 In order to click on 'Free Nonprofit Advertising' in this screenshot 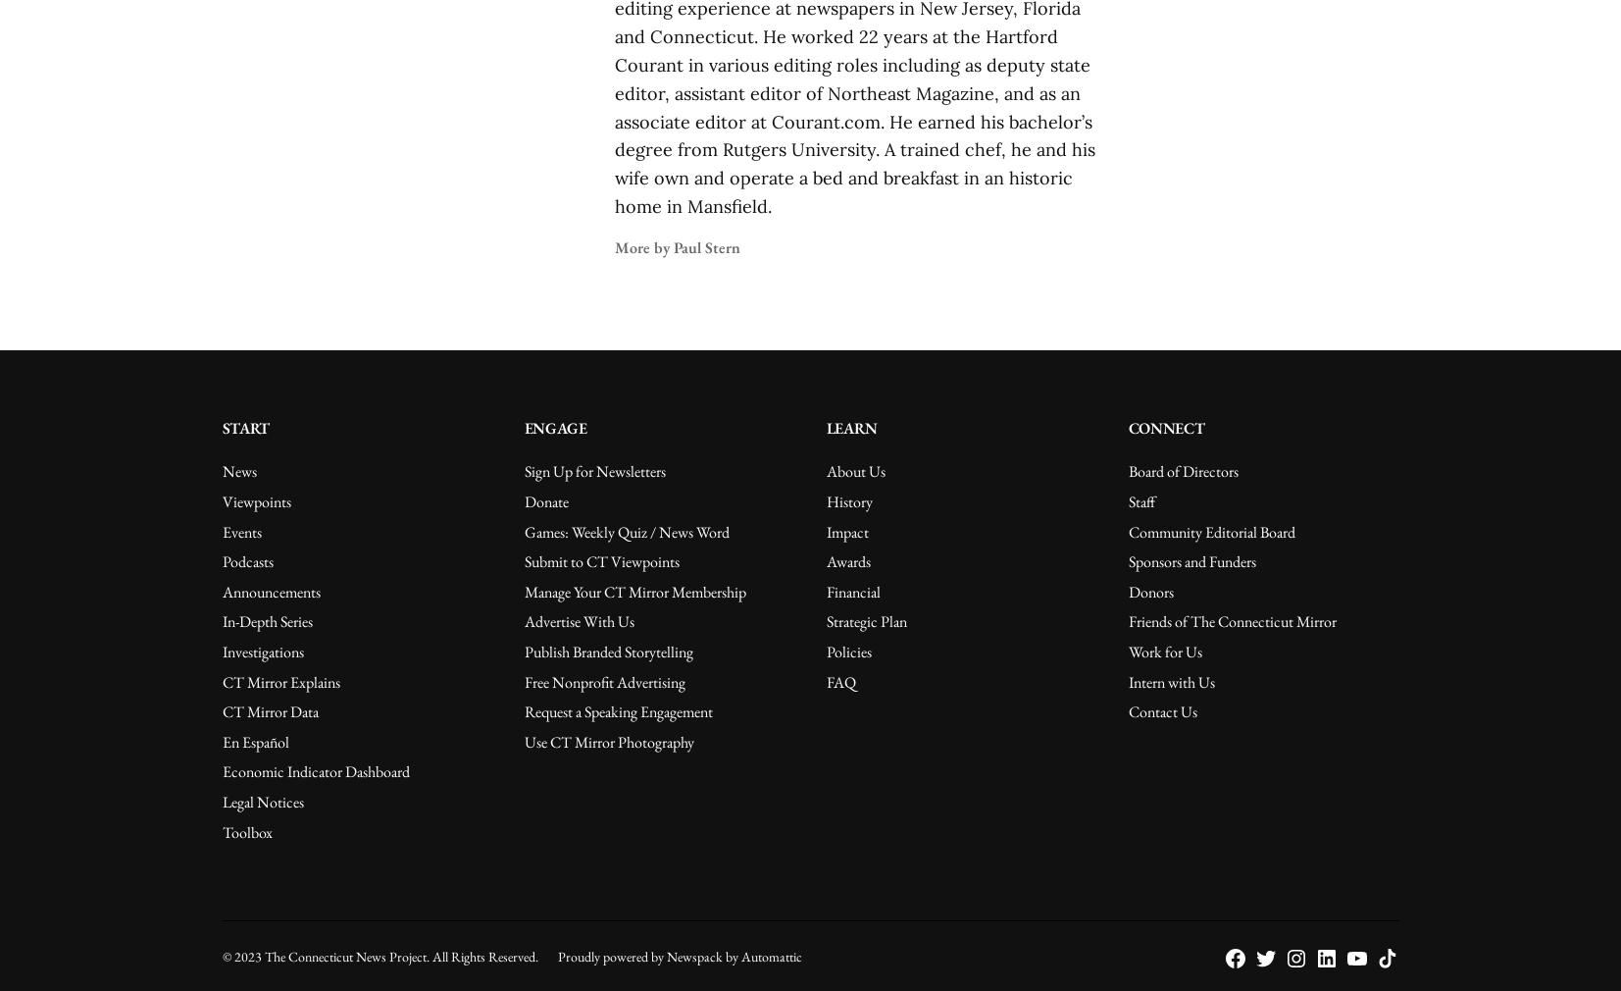, I will do `click(603, 680)`.